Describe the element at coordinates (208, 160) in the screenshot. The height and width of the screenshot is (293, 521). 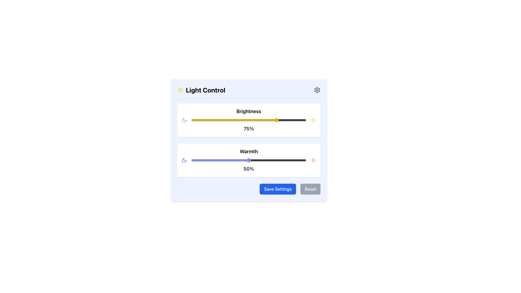
I see `warmth` at that location.